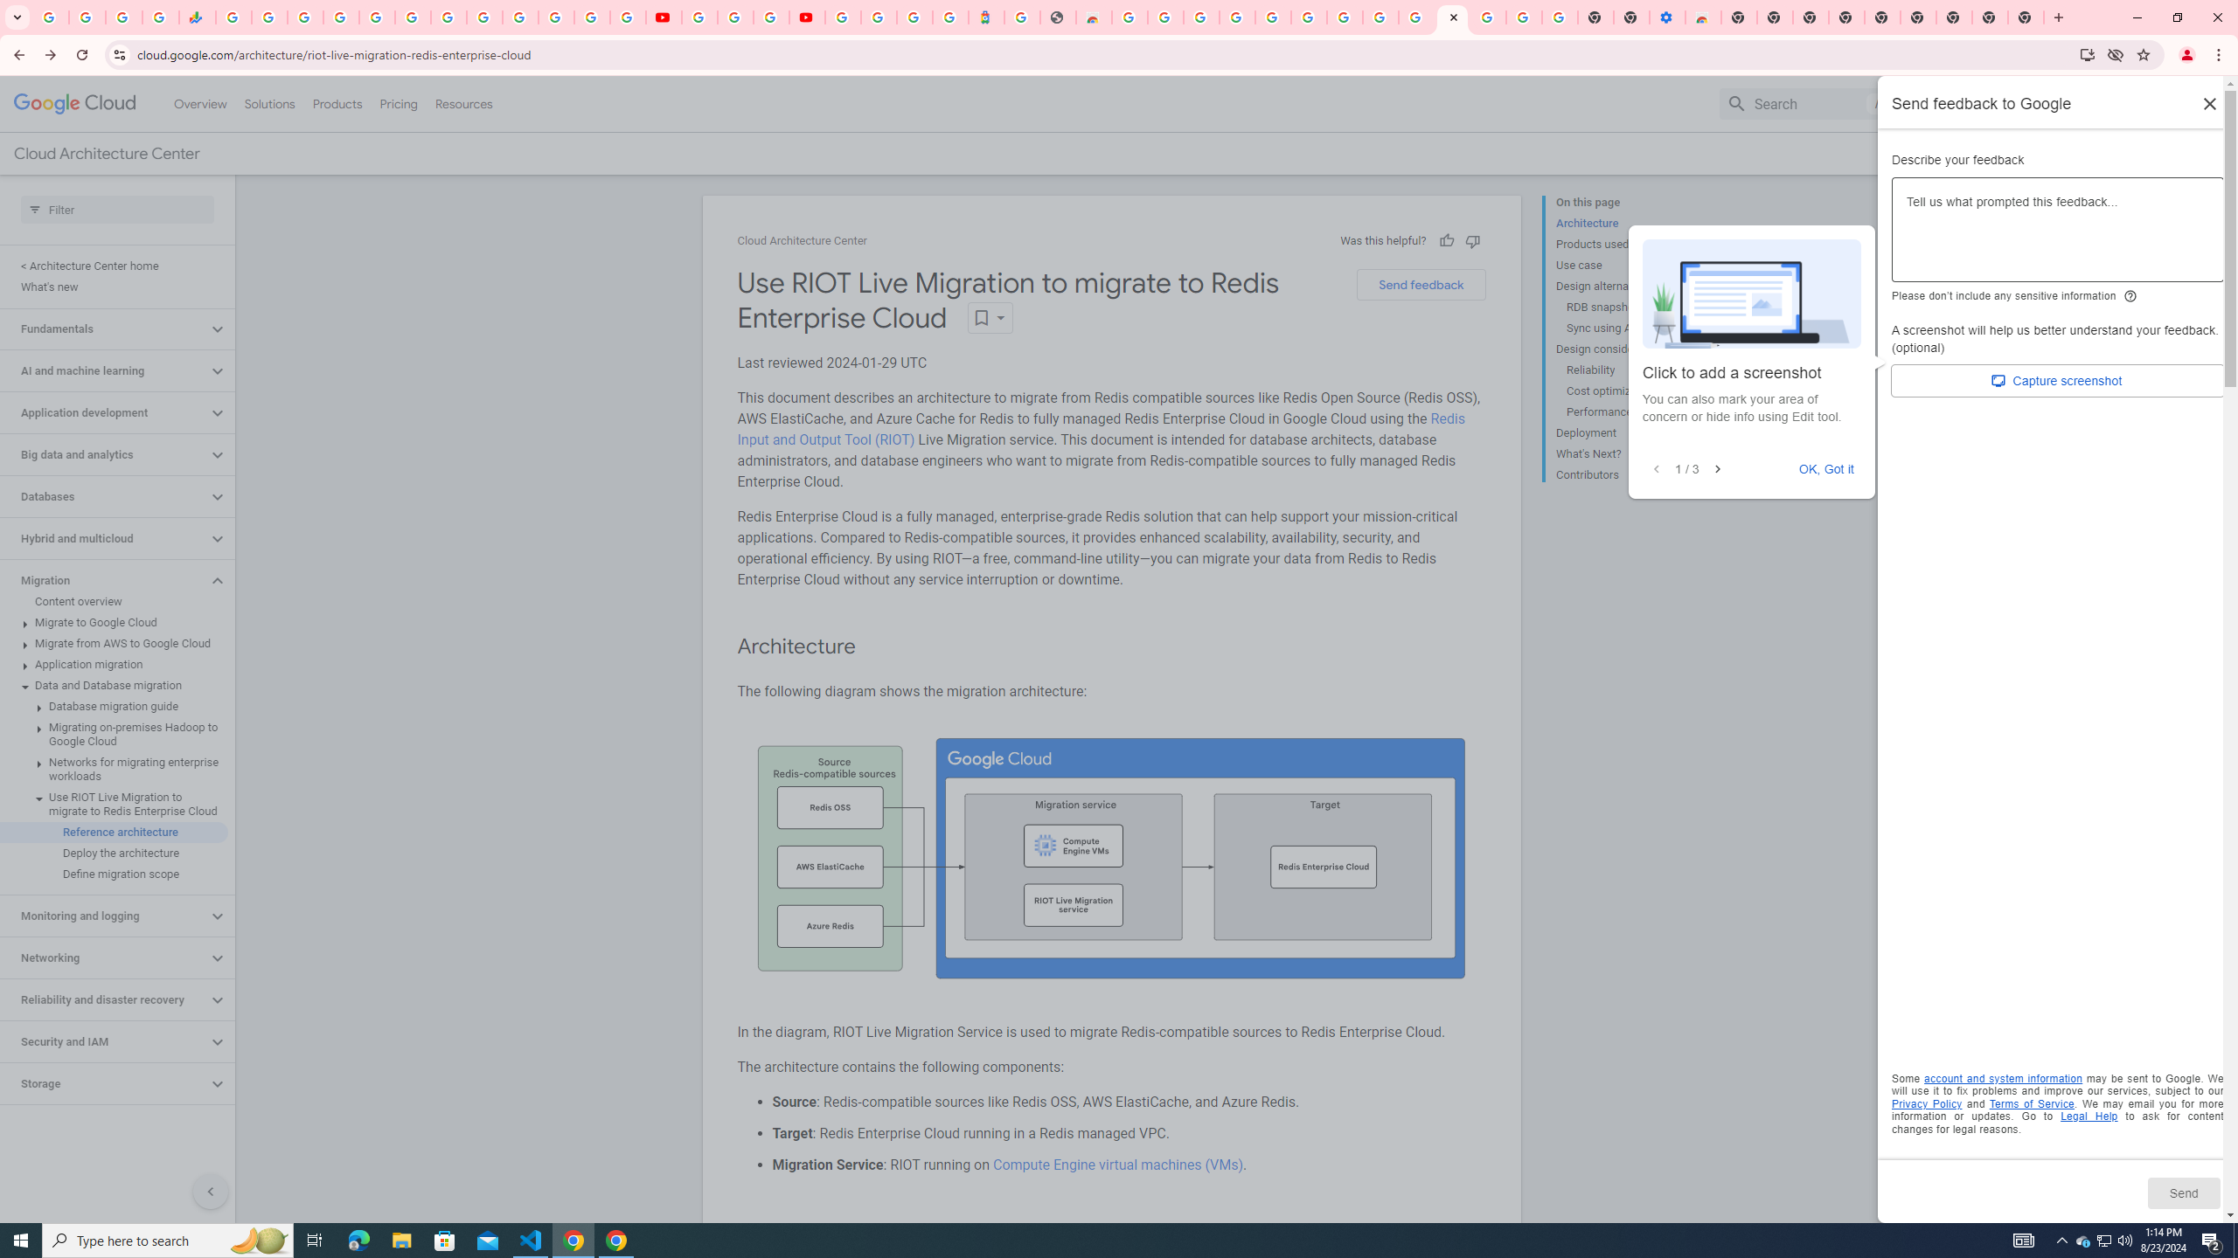 Image resolution: width=2238 pixels, height=1258 pixels. I want to click on 'Networking', so click(103, 957).